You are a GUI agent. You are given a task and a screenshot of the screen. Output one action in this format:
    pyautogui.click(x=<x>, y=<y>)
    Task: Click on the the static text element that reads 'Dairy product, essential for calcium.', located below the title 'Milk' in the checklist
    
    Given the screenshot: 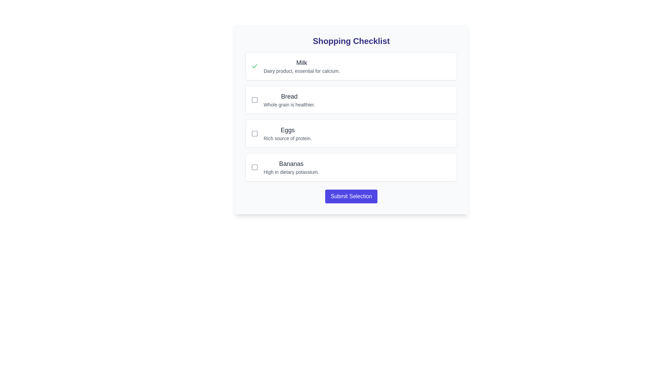 What is the action you would take?
    pyautogui.click(x=301, y=71)
    